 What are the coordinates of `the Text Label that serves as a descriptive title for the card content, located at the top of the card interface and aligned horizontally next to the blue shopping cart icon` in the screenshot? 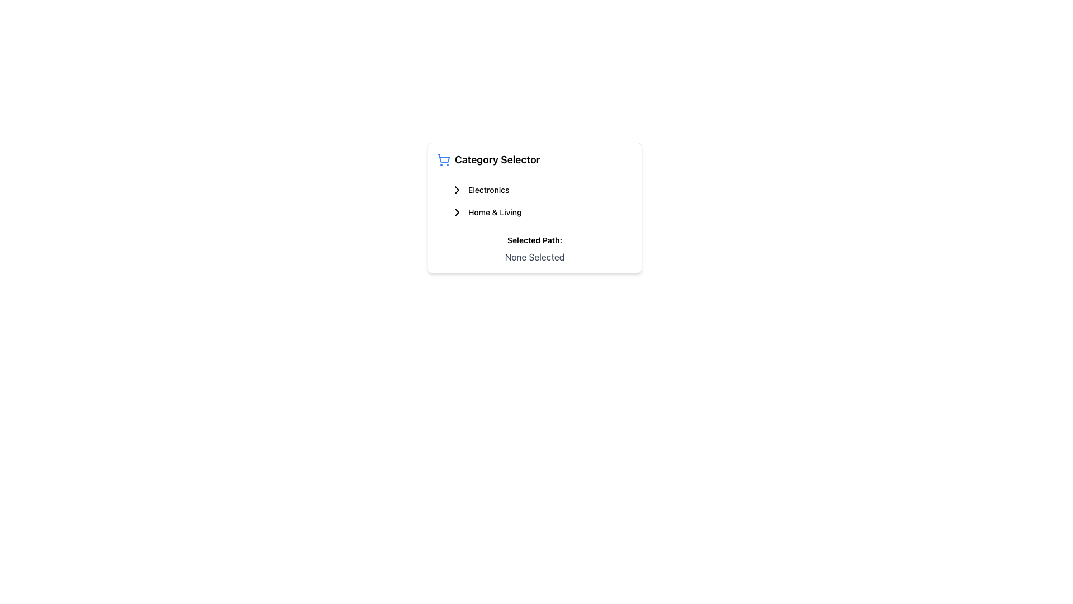 It's located at (497, 159).